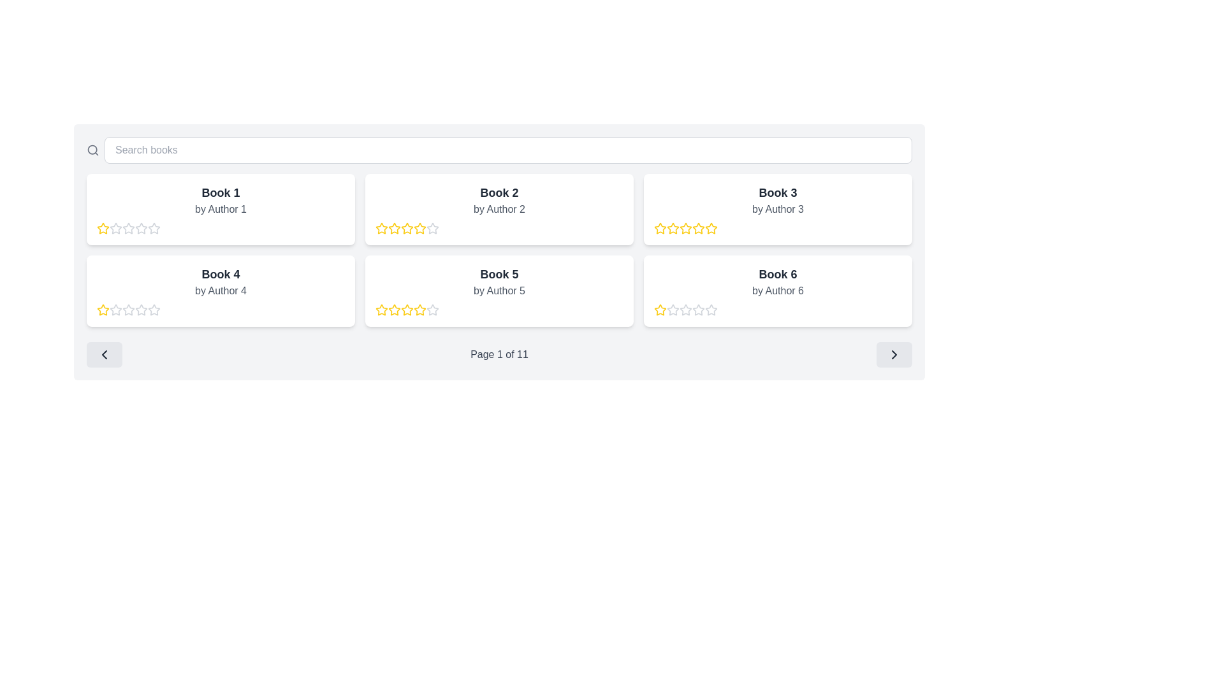  I want to click on Text Label element that displays 'Book 5', which is prominently styled in bold, black text and is located centrally in the second row of the grid layout, so click(499, 274).